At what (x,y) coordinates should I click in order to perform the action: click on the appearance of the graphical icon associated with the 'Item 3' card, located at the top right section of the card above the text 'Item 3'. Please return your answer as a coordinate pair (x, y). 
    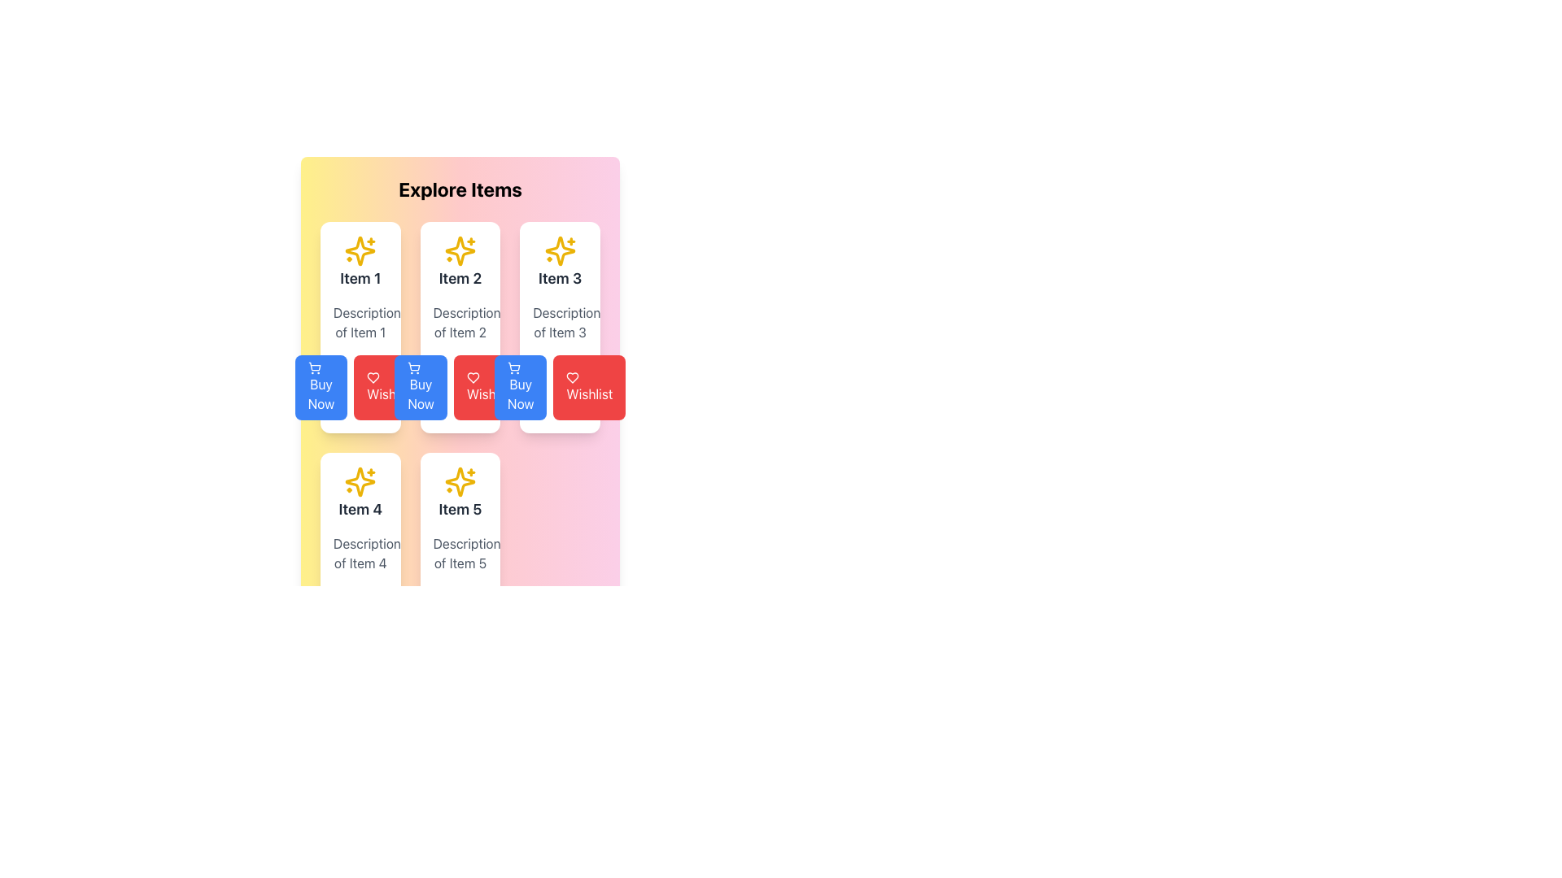
    Looking at the image, I should click on (560, 250).